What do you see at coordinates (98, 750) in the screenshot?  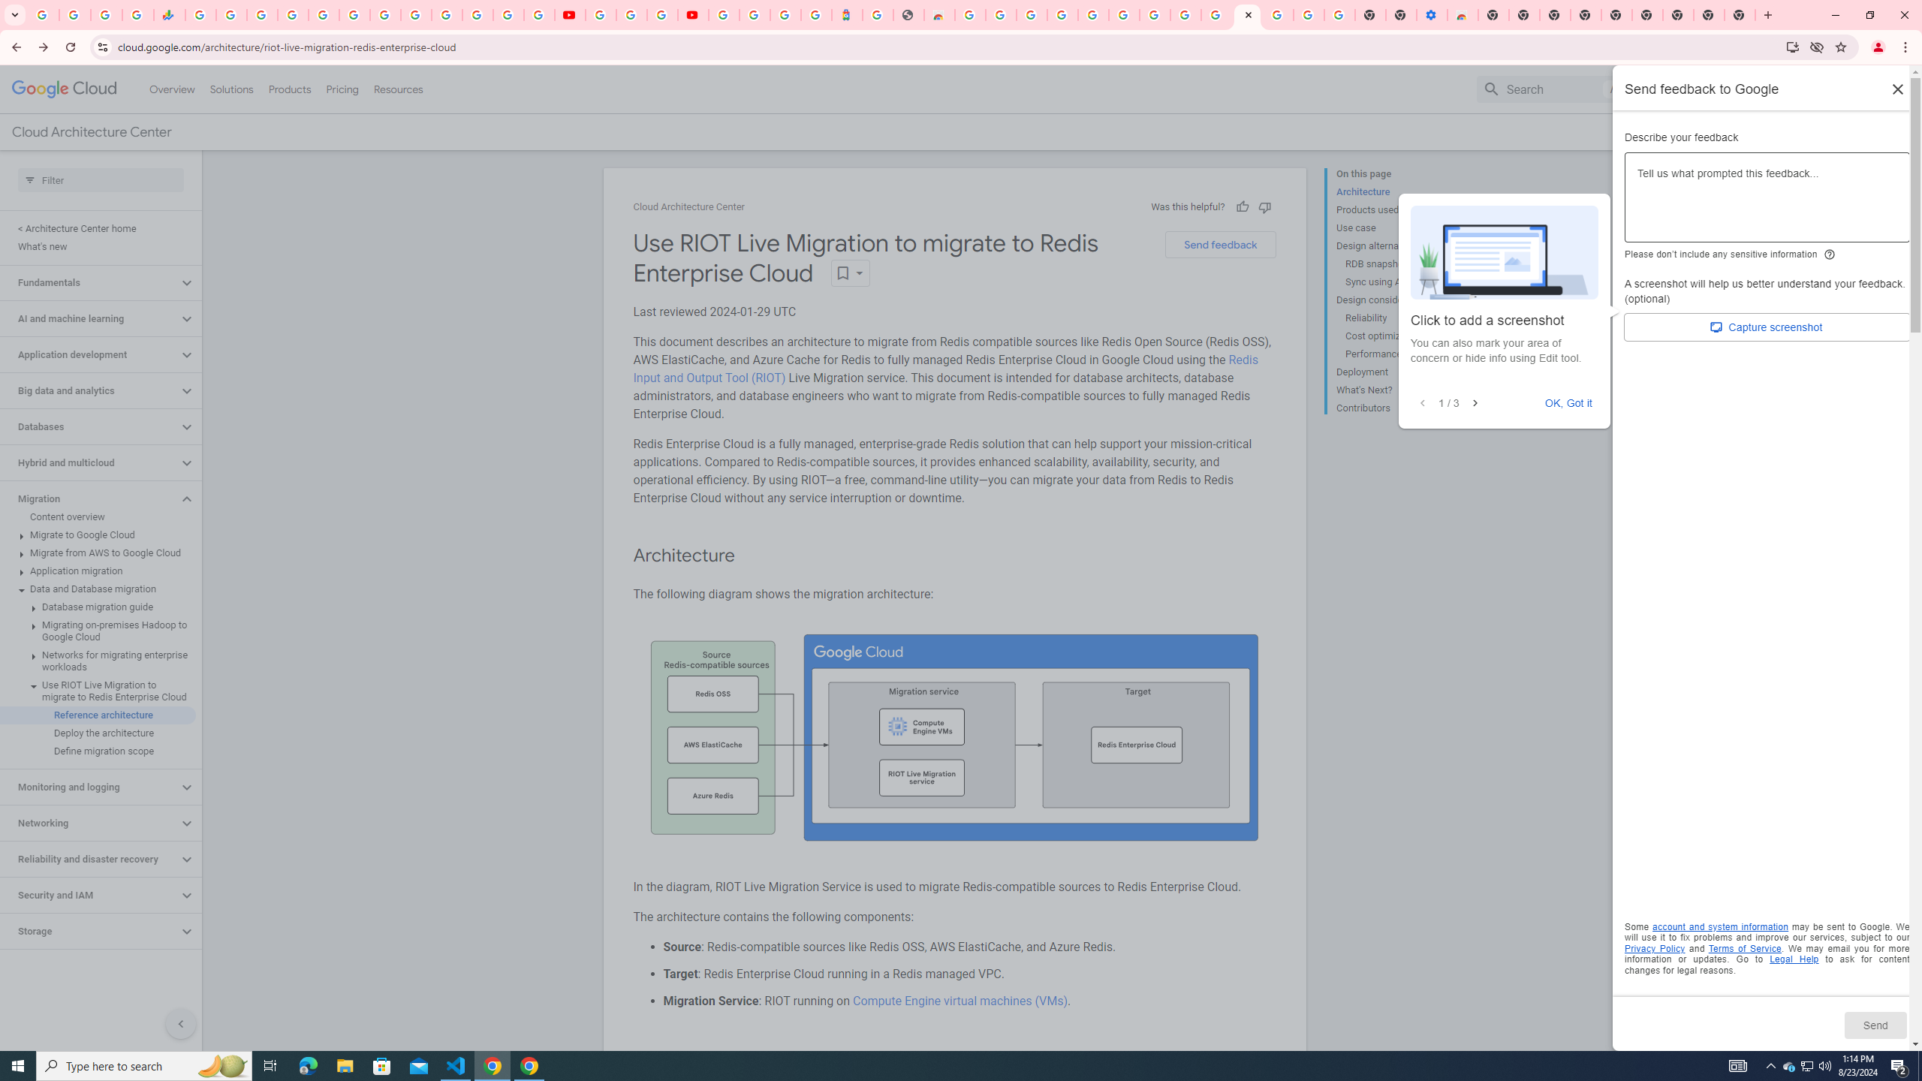 I see `'Define migration scope'` at bounding box center [98, 750].